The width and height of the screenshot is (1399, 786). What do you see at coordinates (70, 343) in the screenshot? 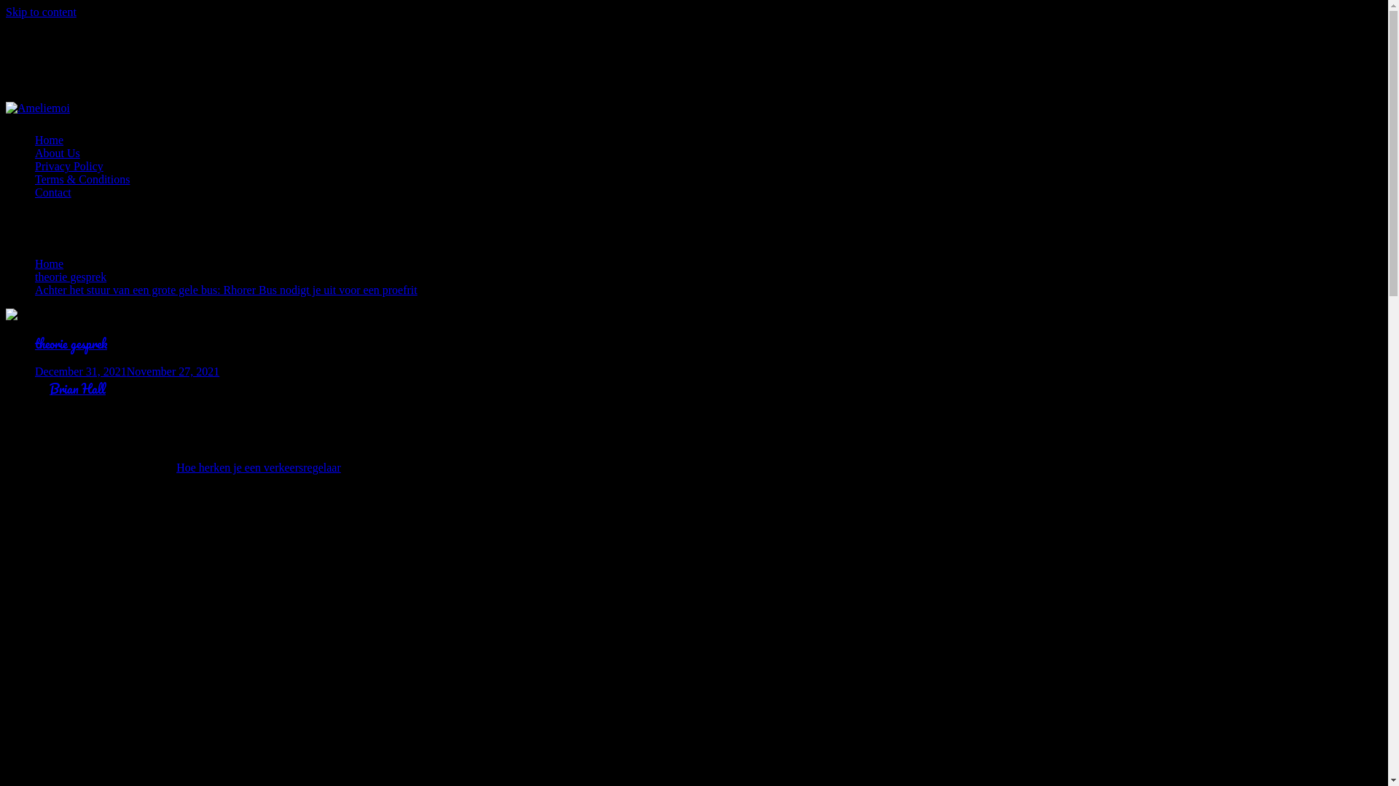
I see `'theorie gesprek'` at bounding box center [70, 343].